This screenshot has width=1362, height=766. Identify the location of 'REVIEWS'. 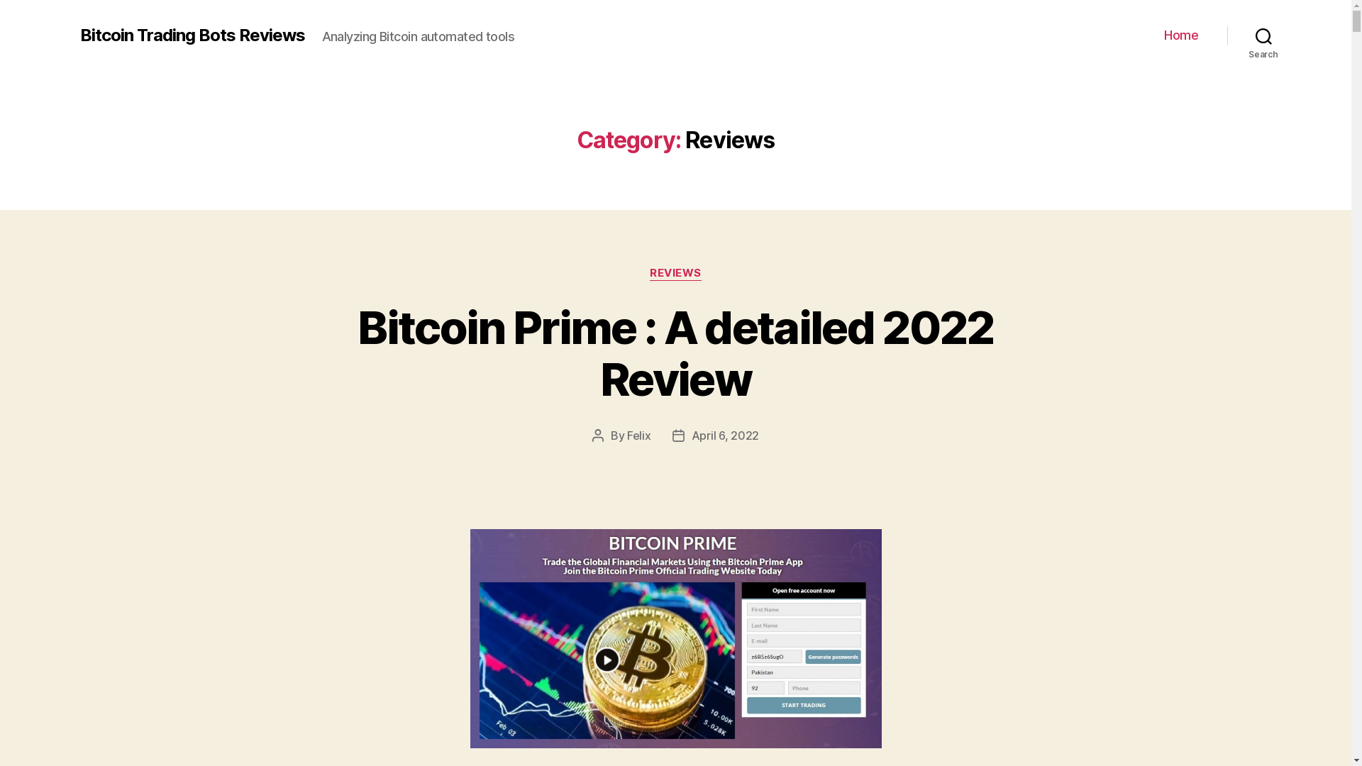
(675, 273).